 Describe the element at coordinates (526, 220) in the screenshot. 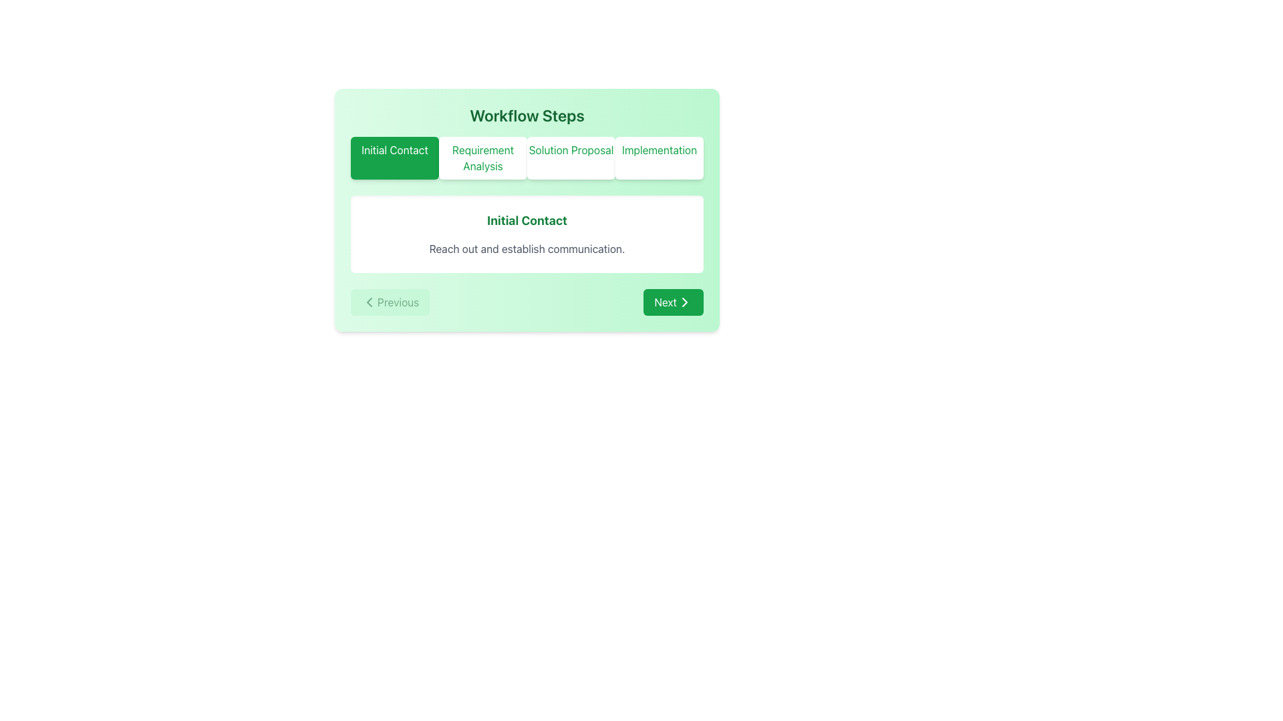

I see `the text element that serves as a title or heading for the workflow step, located within a white, rounded box with shadow effects, above the descriptive text 'Reach out and establish communication.'` at that location.